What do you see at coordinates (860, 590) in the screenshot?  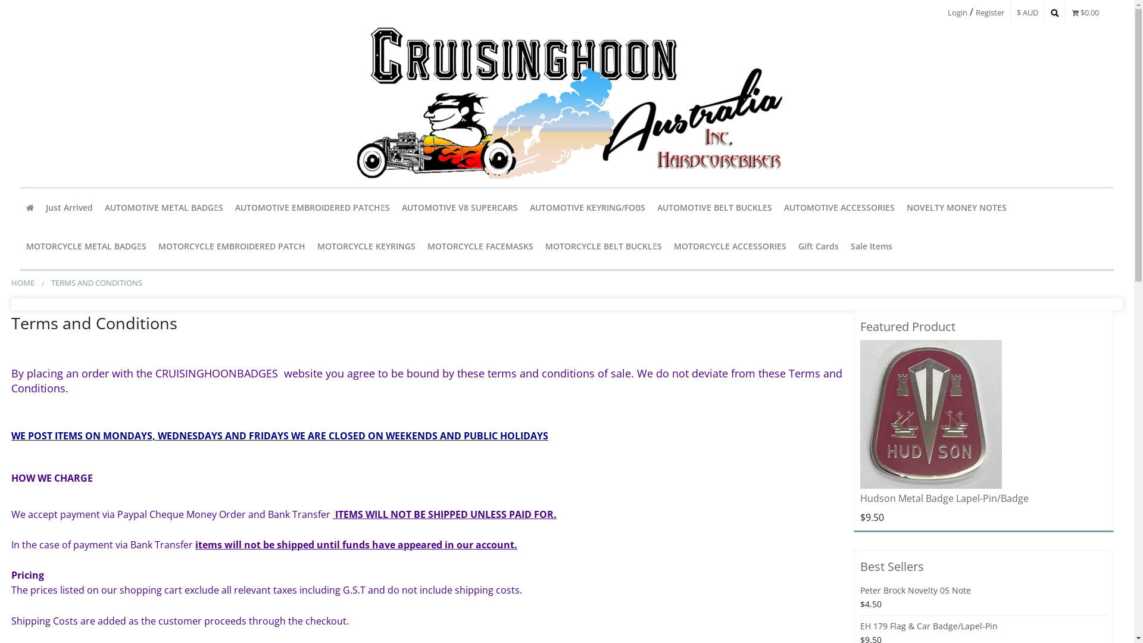 I see `'Peter Brock Novelty 05 Note'` at bounding box center [860, 590].